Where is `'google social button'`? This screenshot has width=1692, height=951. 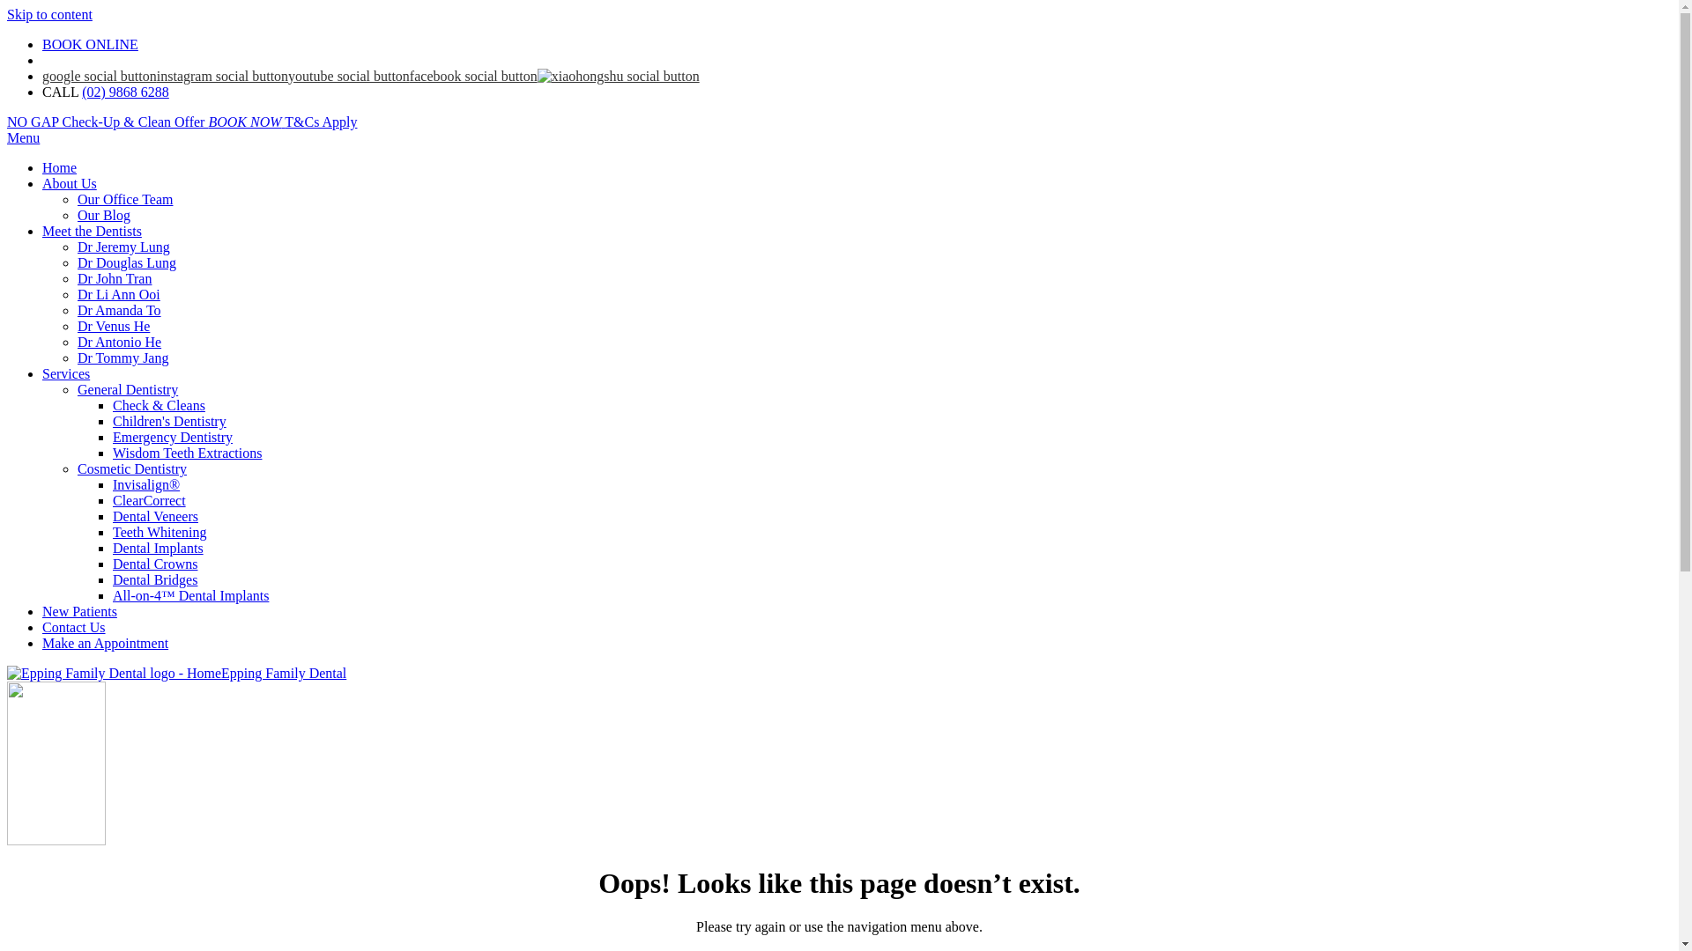
'google social button' is located at coordinates (99, 75).